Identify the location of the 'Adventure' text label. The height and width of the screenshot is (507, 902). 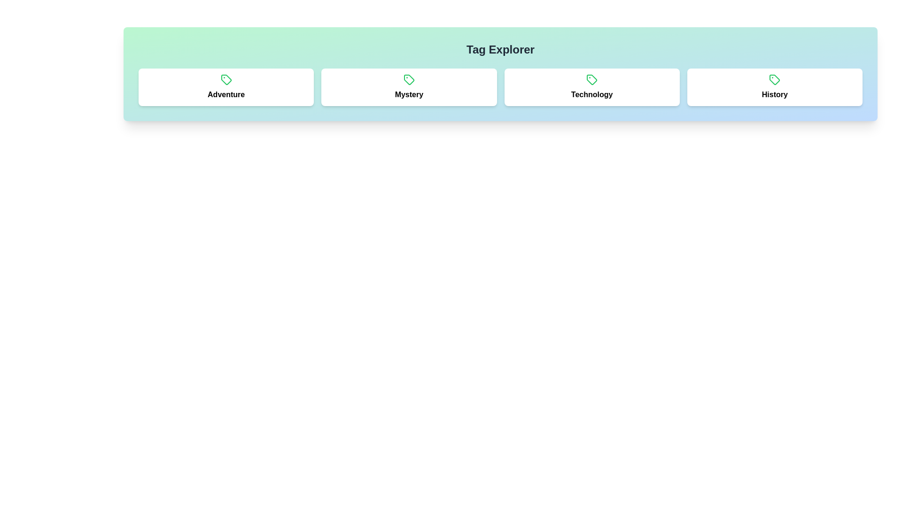
(226, 94).